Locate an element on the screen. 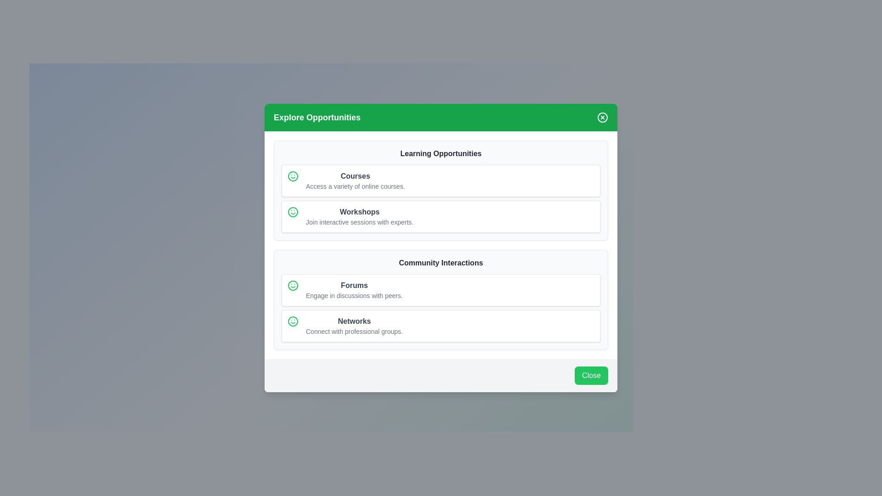 The height and width of the screenshot is (496, 882). the 'Forums' icon located to the left of the 'Forums' title text in the 'Community Interactions' section is located at coordinates (293, 285).